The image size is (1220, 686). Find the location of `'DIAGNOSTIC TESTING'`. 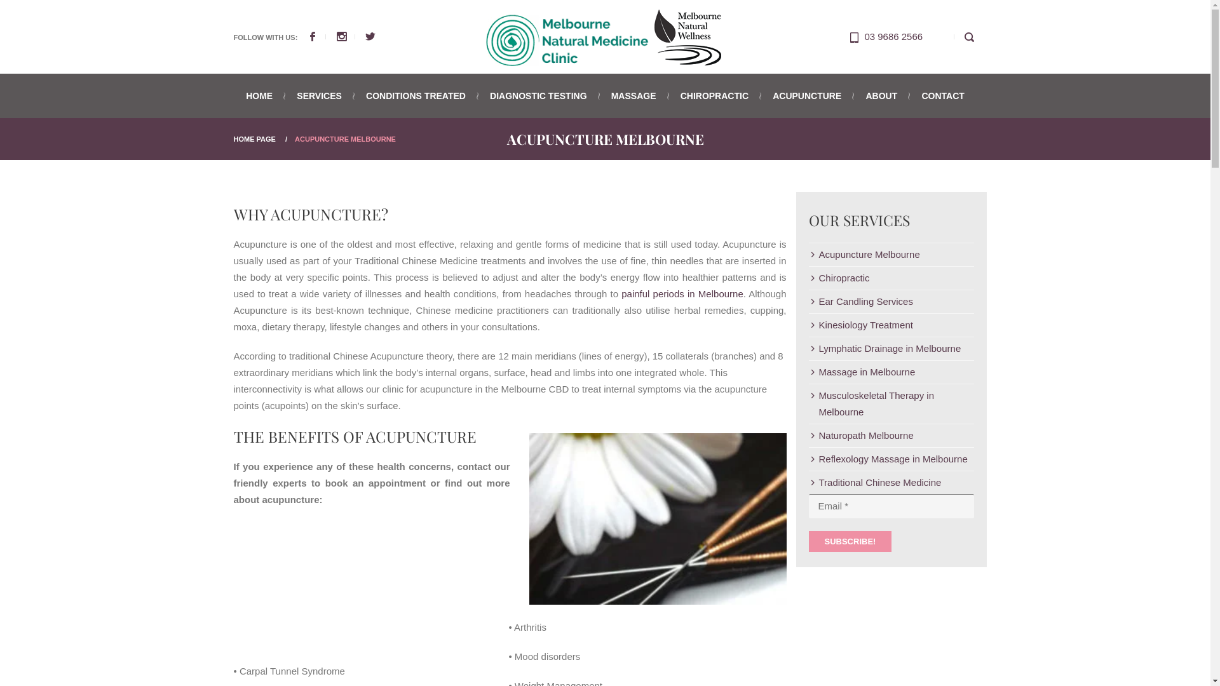

'DIAGNOSTIC TESTING' is located at coordinates (538, 95).